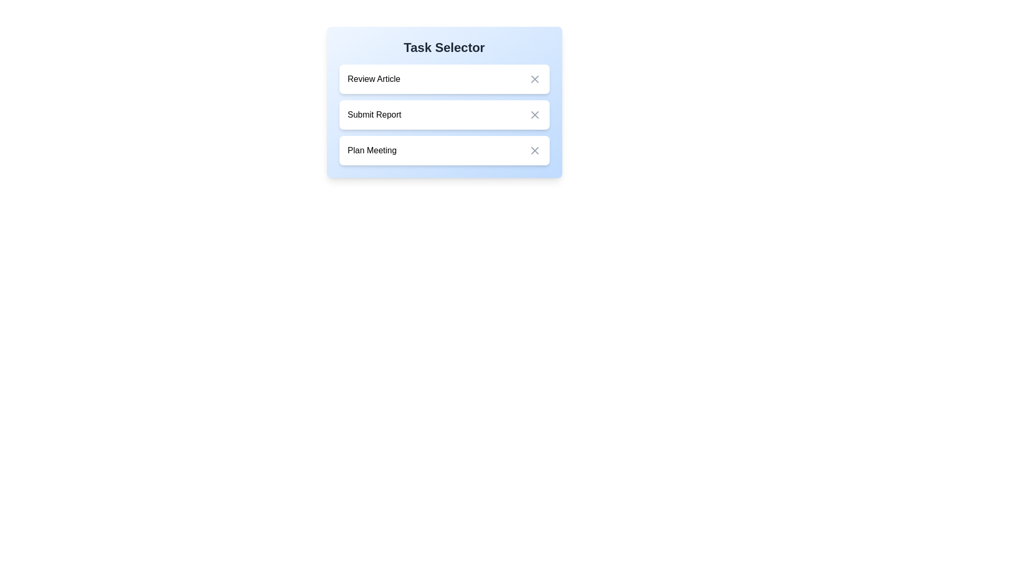 The image size is (1009, 567). I want to click on the diagonal cross icon button located at the right end of the 'Plan Meeting' item in the task list, so click(534, 150).